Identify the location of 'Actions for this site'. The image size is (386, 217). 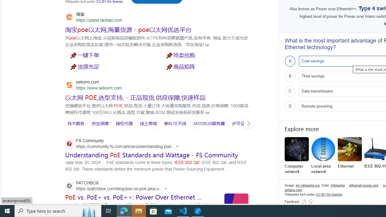
(166, 188).